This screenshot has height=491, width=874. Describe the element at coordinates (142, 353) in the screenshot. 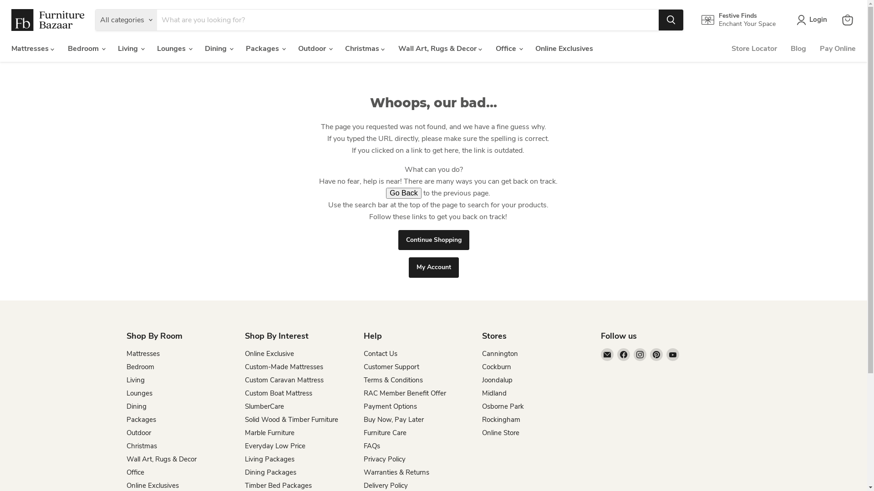

I see `'Mattresses'` at that location.